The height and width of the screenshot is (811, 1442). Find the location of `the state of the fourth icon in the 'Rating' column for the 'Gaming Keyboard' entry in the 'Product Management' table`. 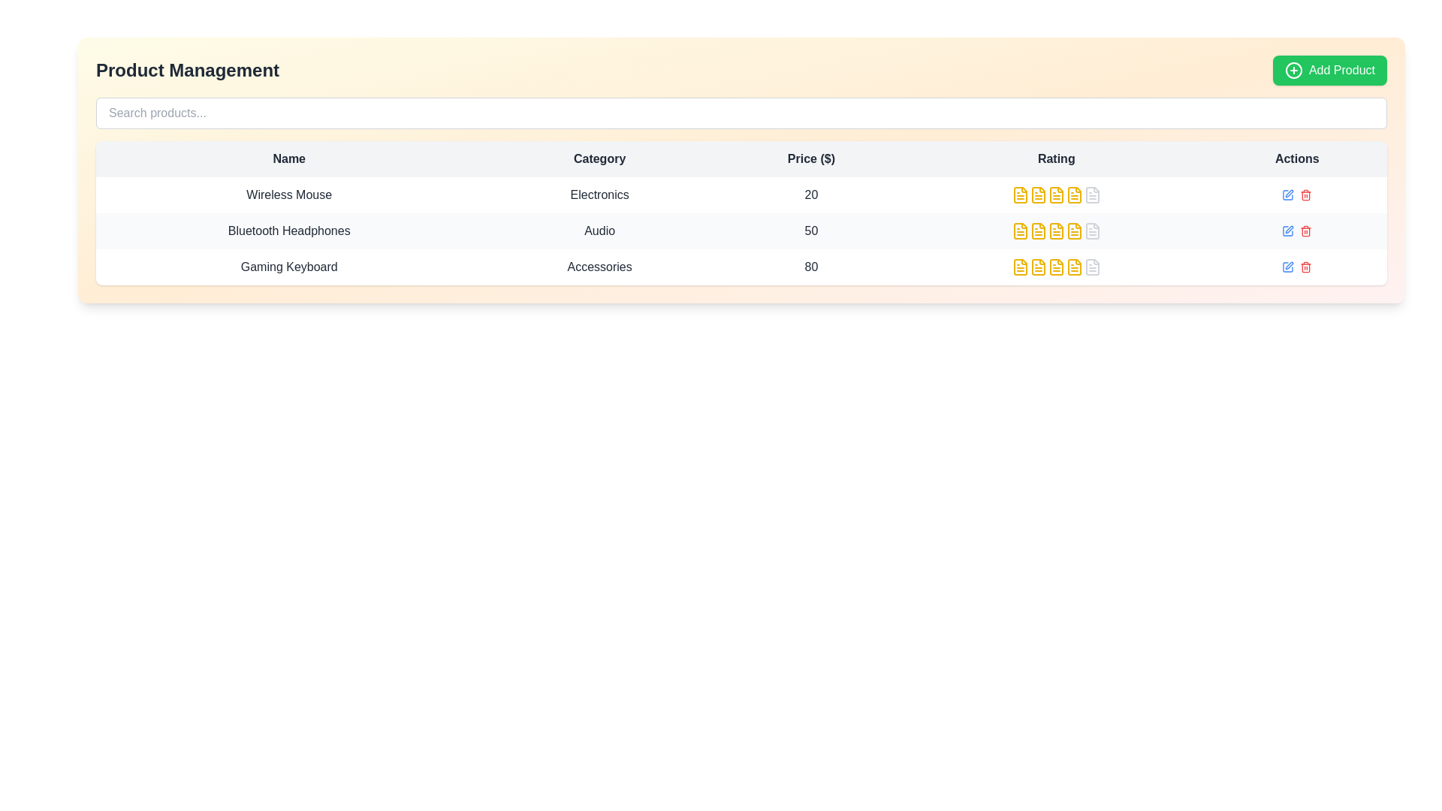

the state of the fourth icon in the 'Rating' column for the 'Gaming Keyboard' entry in the 'Product Management' table is located at coordinates (1055, 266).